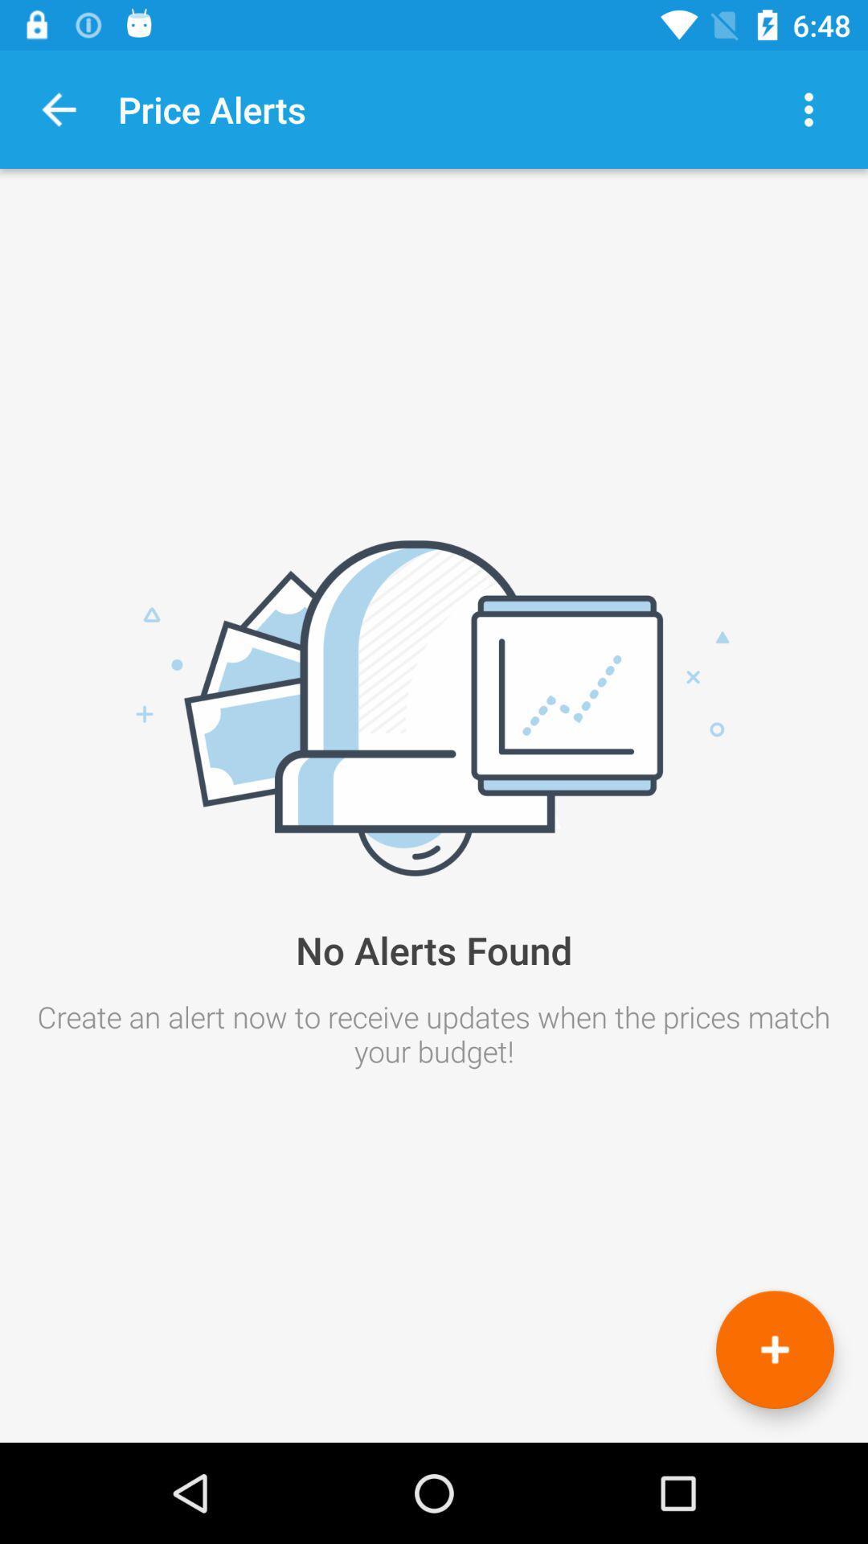 Image resolution: width=868 pixels, height=1544 pixels. I want to click on voltar a tela anterior, so click(58, 109).